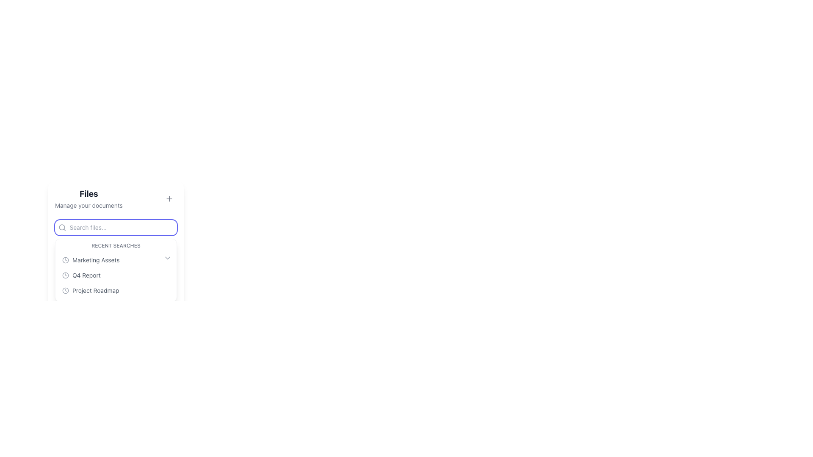  What do you see at coordinates (115, 290) in the screenshot?
I see `the 'Project Roadmap' dropdown item, which is the last item` at bounding box center [115, 290].